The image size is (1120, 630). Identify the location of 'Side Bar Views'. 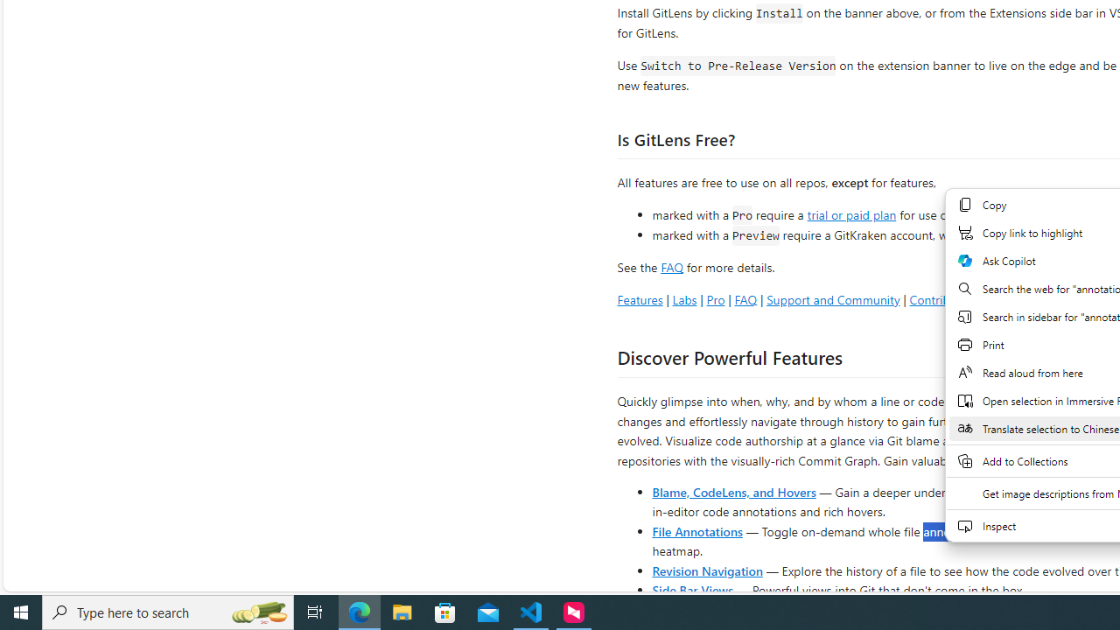
(691, 589).